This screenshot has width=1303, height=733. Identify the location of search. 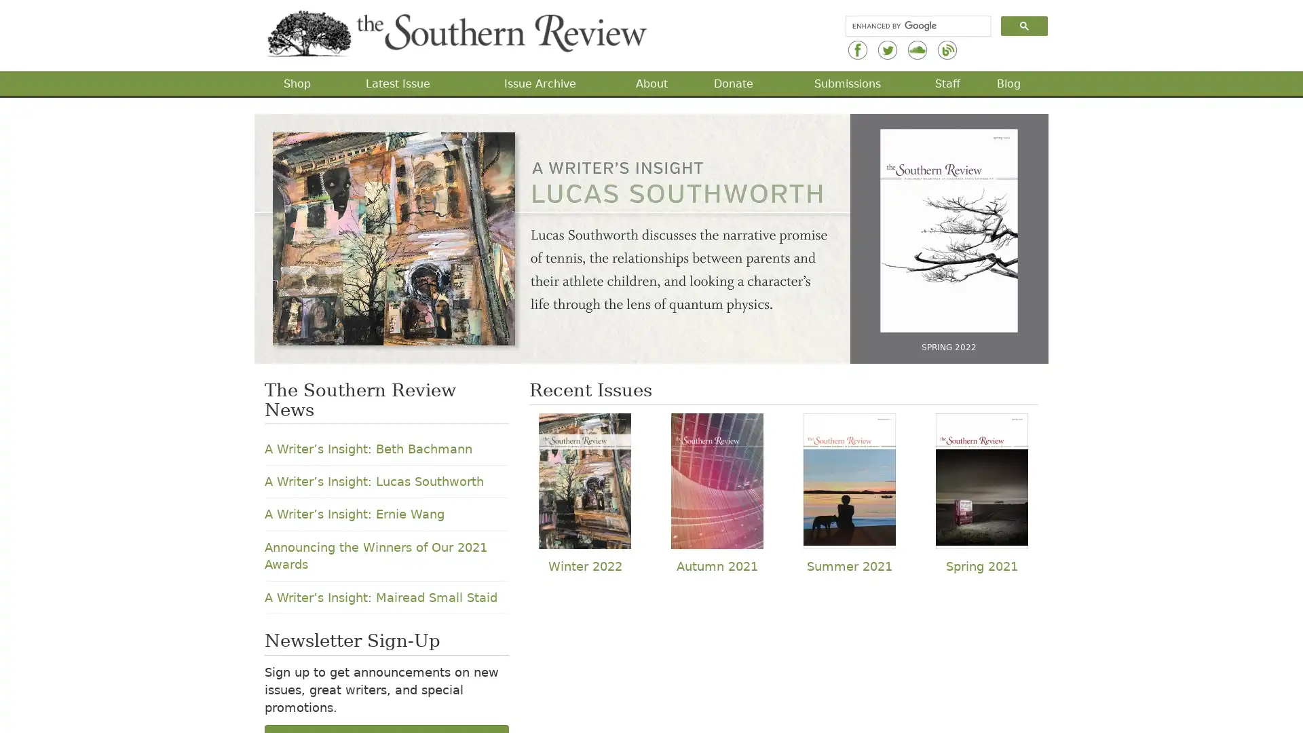
(1024, 25).